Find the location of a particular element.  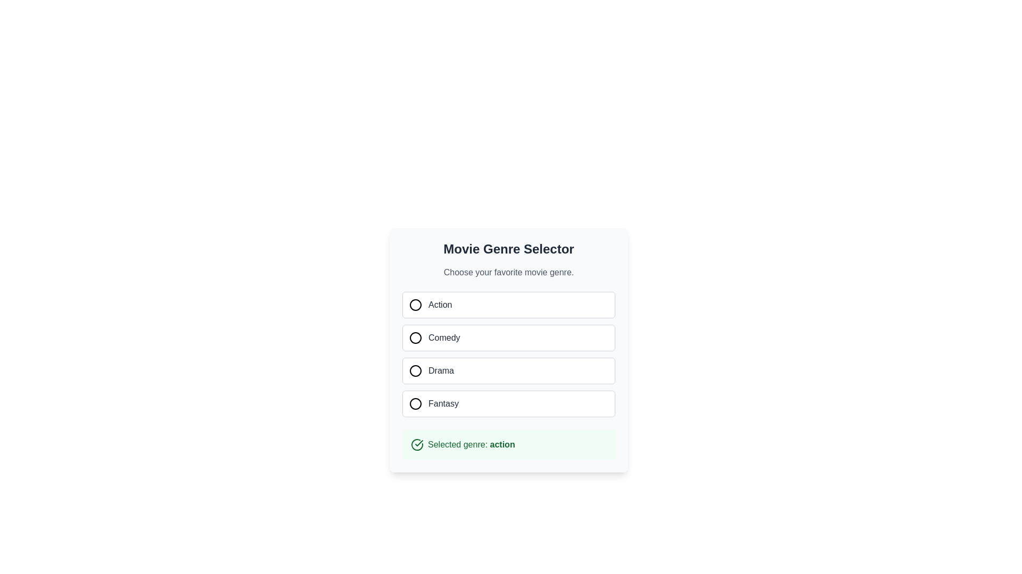

the circular toggle indicator icon adjacent to the 'Comedy' genre label is located at coordinates (444, 338).